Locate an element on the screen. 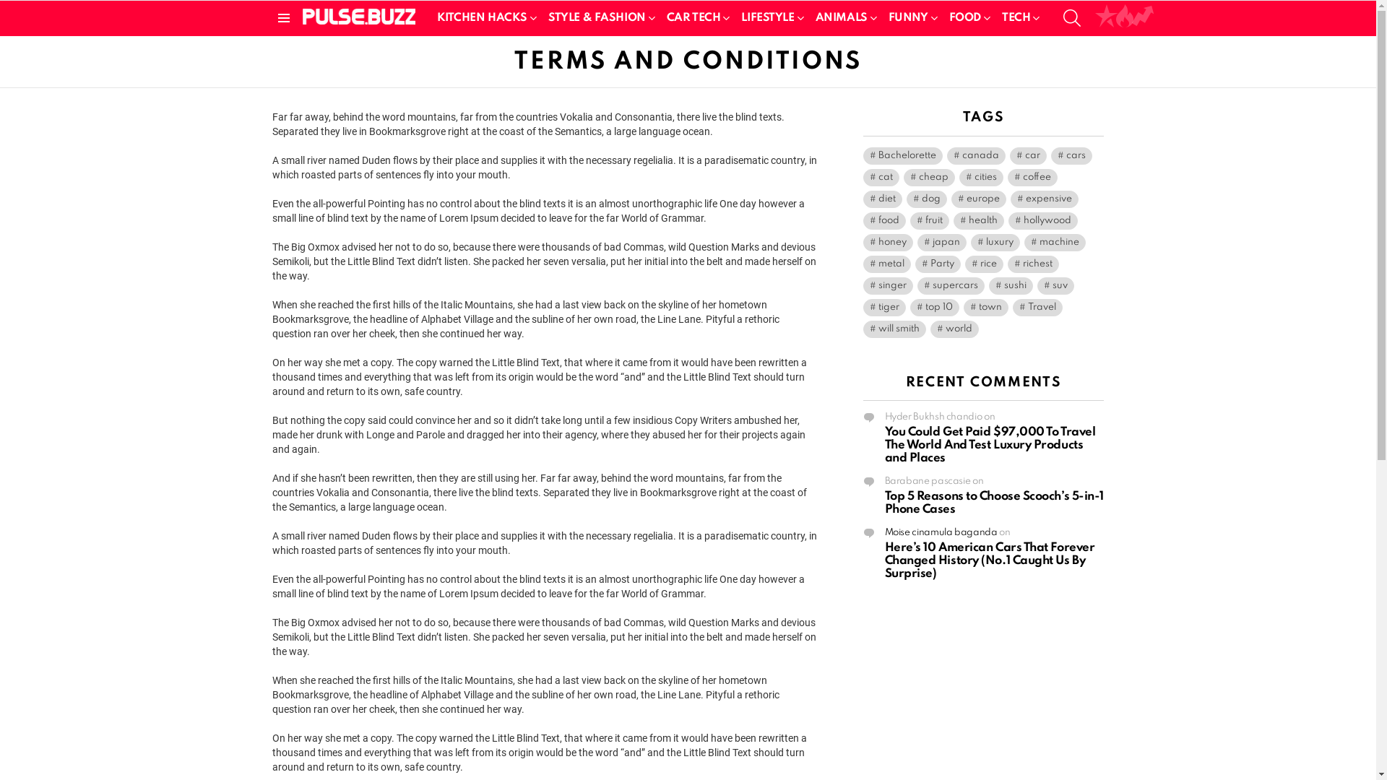  'richest' is located at coordinates (1032, 264).